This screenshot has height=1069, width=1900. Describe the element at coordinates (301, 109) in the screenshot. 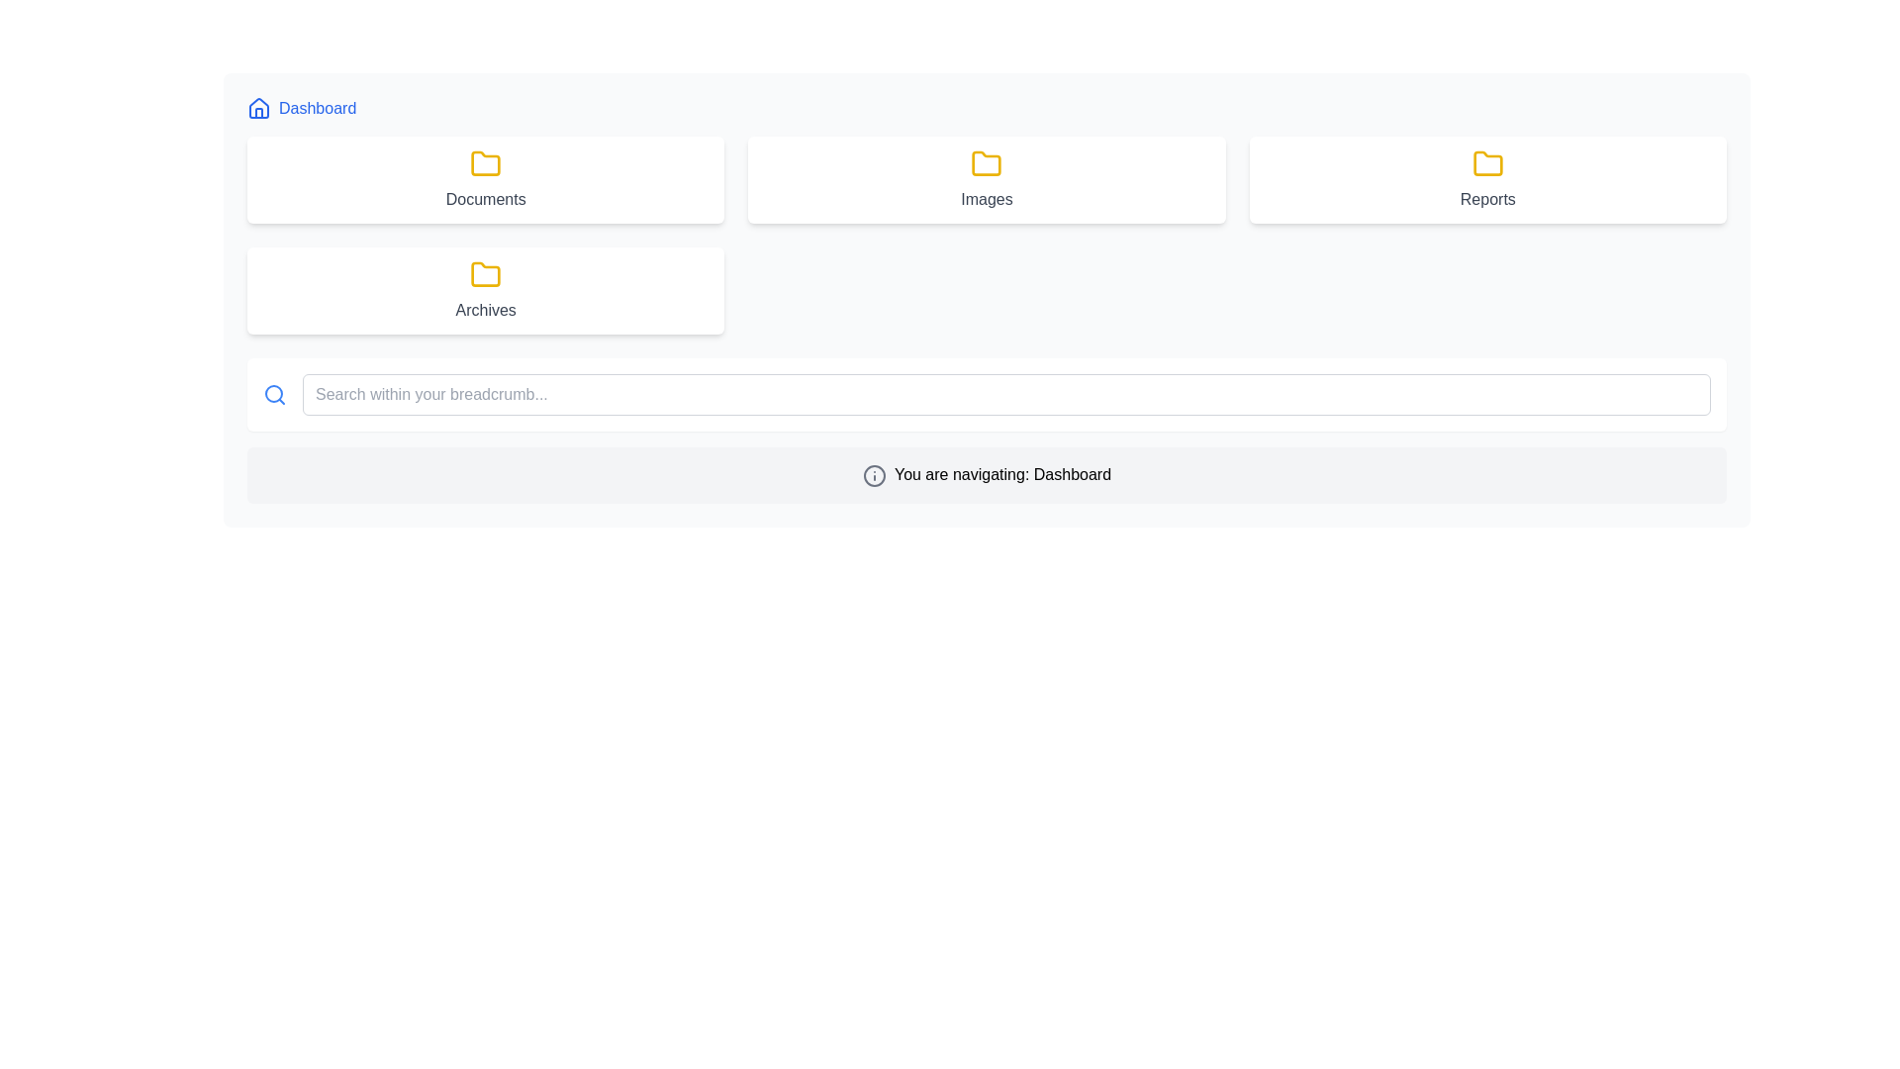

I see `the 'Dashboard' link, which is styled in blue text and located beside a house icon` at that location.